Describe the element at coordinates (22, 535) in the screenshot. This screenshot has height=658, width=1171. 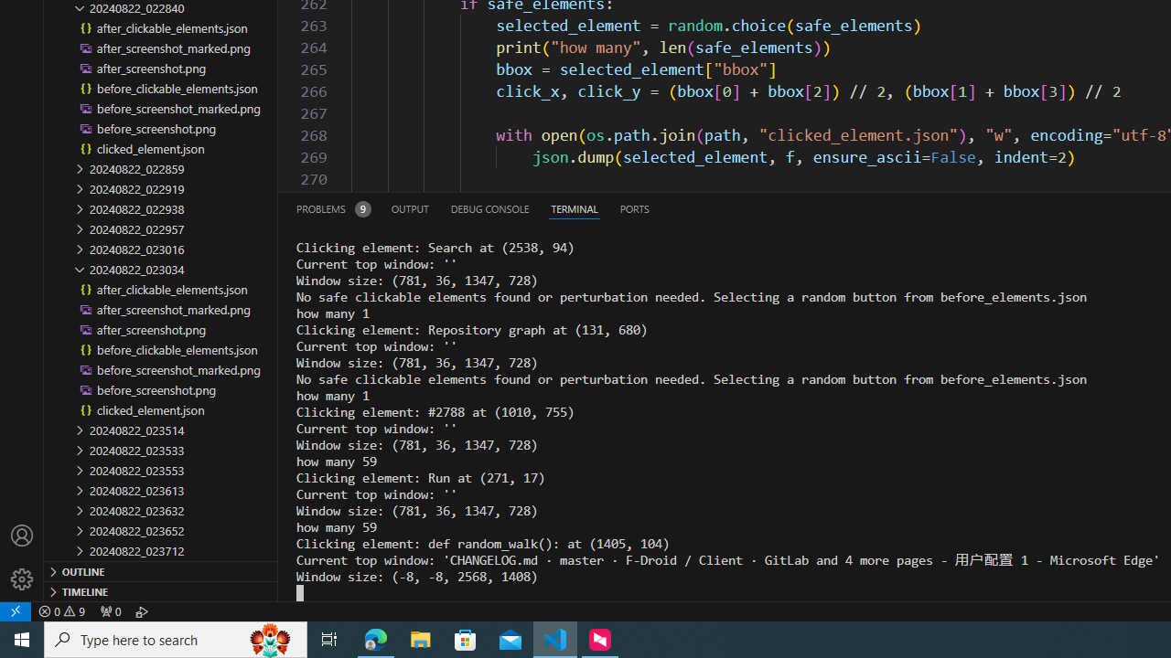
I see `'Accounts'` at that location.